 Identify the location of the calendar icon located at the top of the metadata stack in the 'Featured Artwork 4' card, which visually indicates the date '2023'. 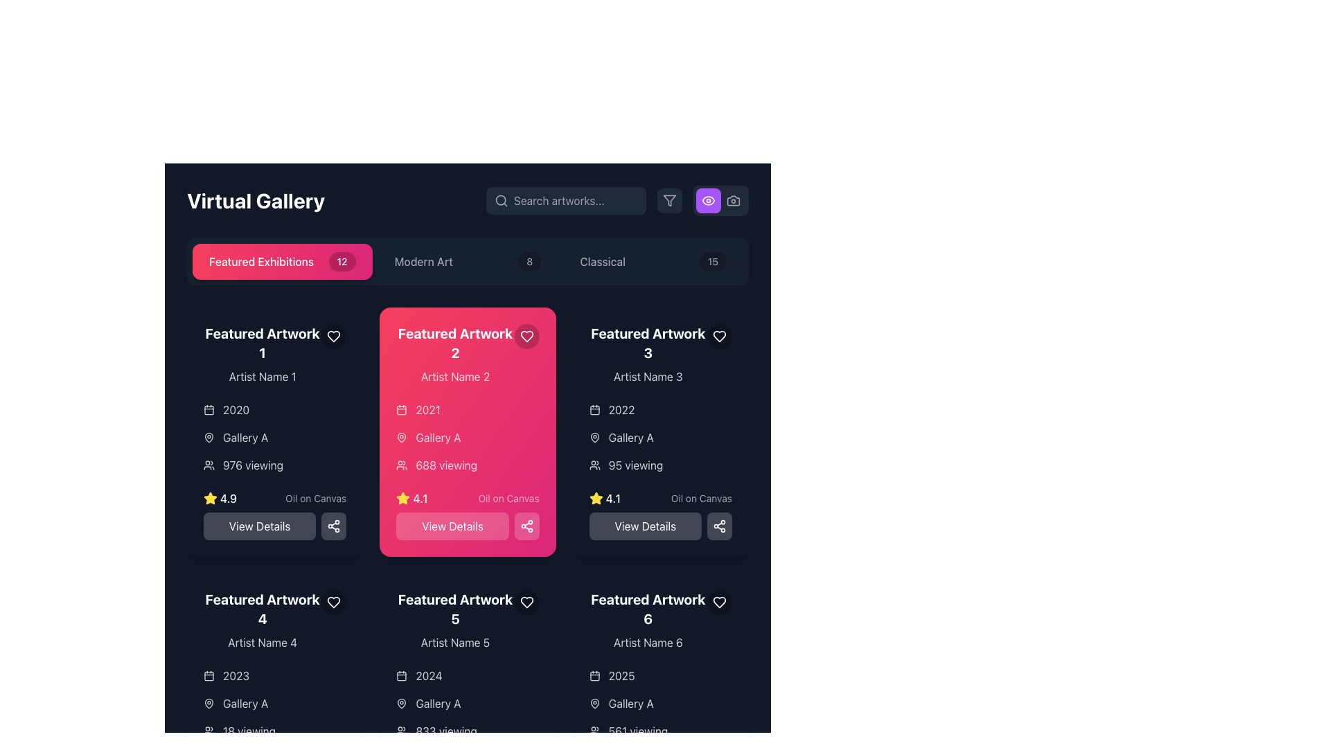
(209, 675).